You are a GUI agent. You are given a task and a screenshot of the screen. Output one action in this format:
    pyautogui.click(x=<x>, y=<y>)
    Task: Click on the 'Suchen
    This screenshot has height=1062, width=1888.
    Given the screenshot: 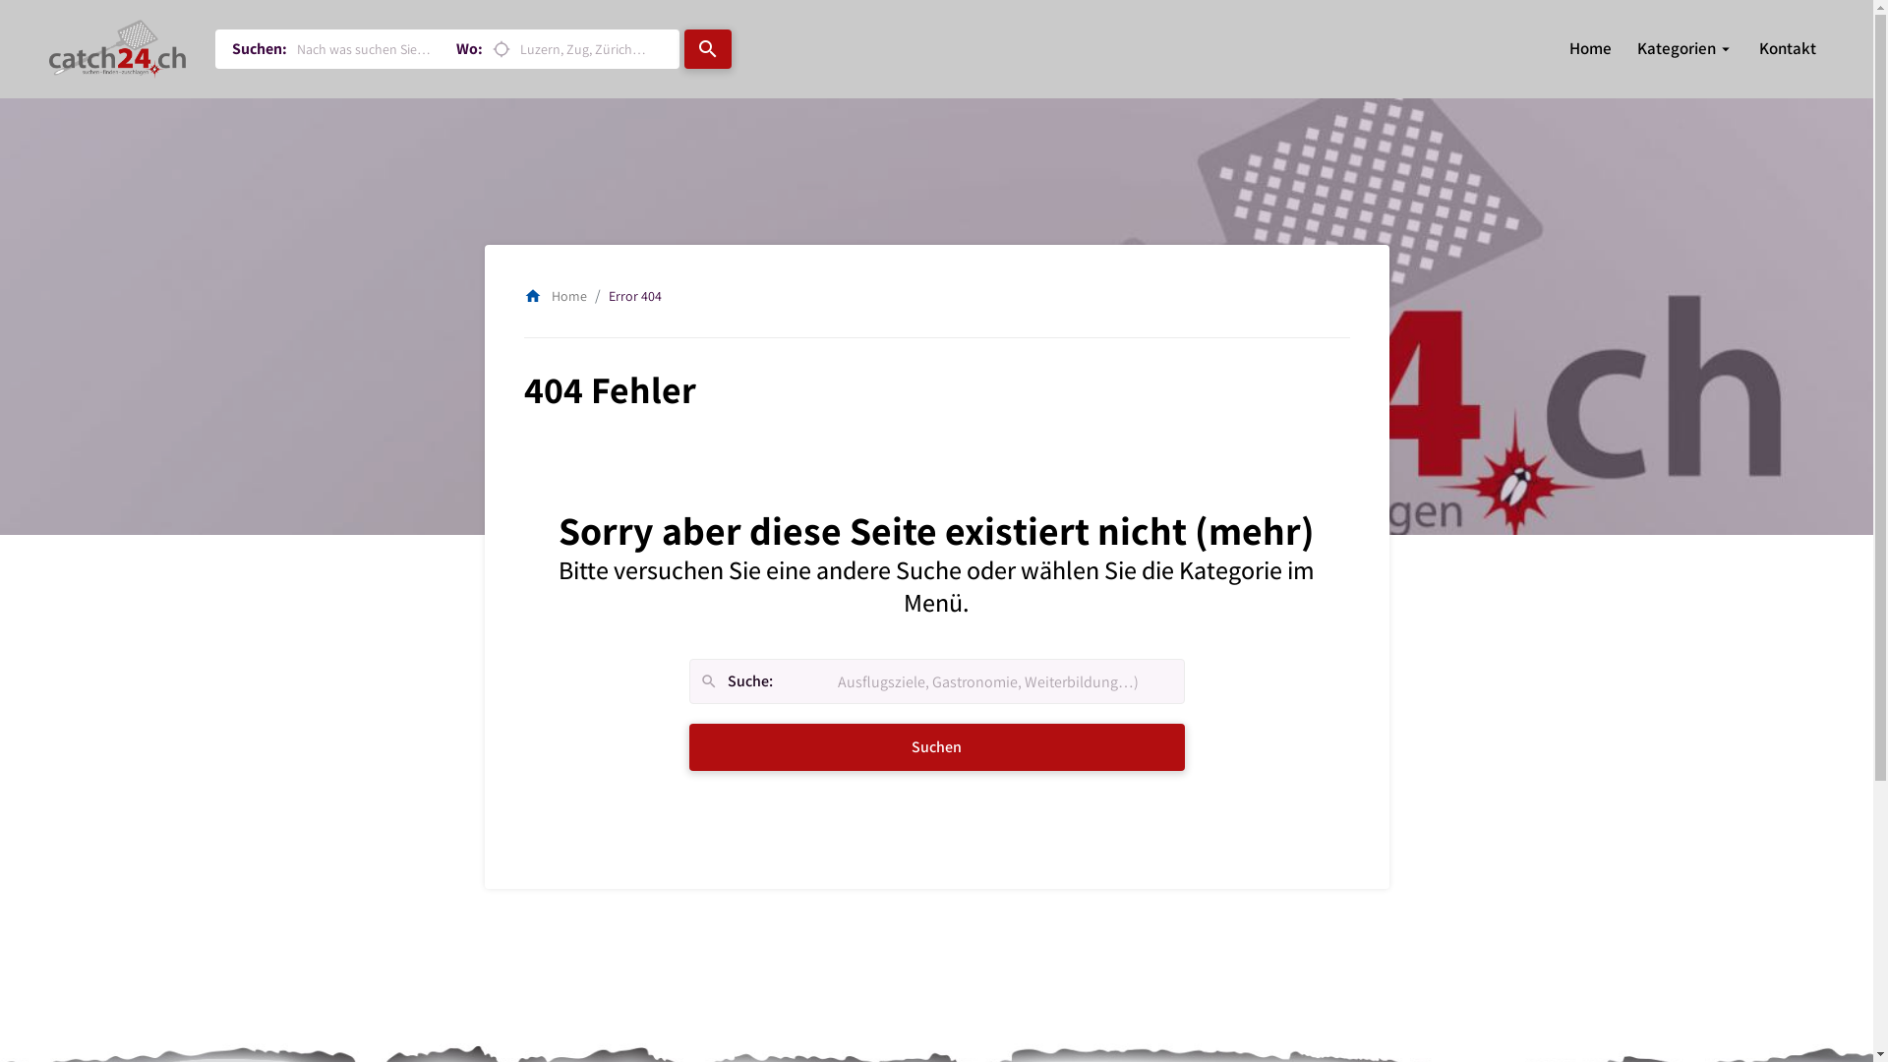 What is the action you would take?
    pyautogui.click(x=934, y=746)
    